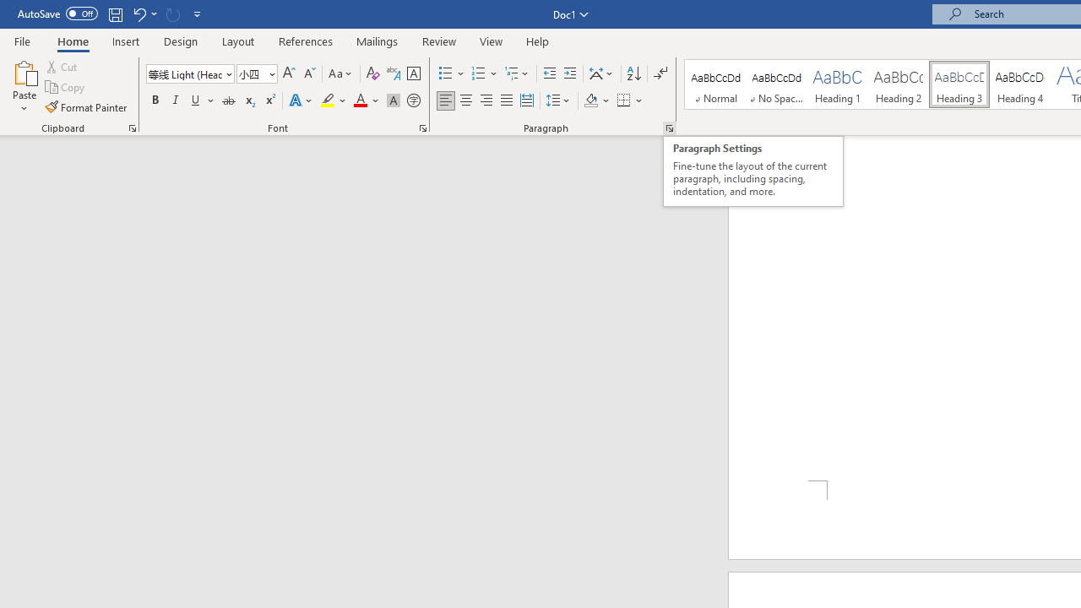 The width and height of the screenshot is (1081, 608). What do you see at coordinates (838, 84) in the screenshot?
I see `'Heading 1'` at bounding box center [838, 84].